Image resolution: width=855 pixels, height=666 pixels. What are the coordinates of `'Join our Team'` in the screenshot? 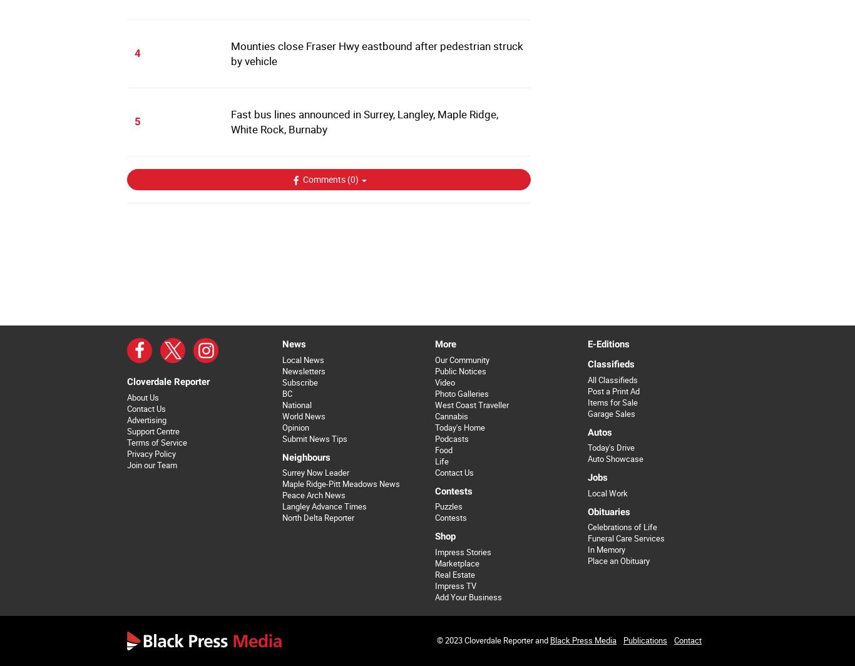 It's located at (152, 464).